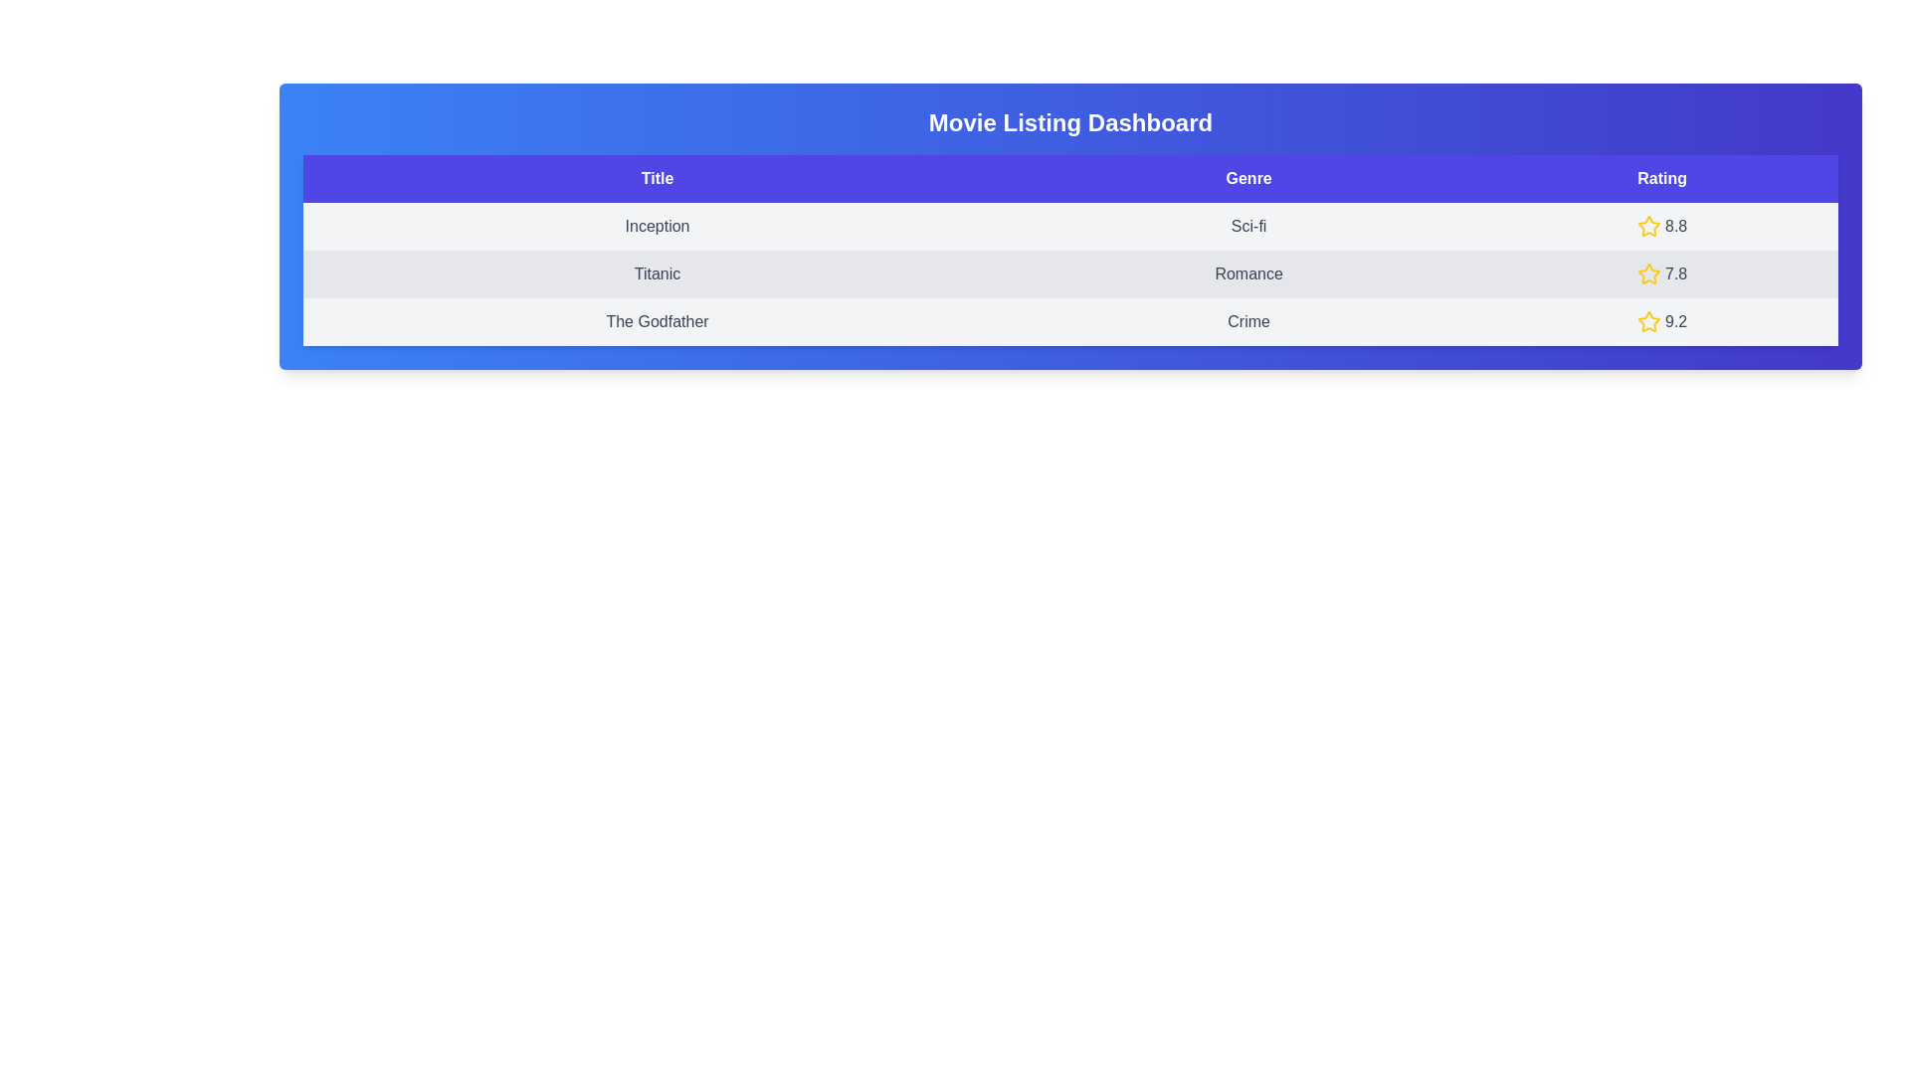  What do you see at coordinates (658, 321) in the screenshot?
I see `text displayed in the label for the movie title 'The Godfather', which is positioned under the 'Title' column in the 'Movie Listing Dashboard'` at bounding box center [658, 321].